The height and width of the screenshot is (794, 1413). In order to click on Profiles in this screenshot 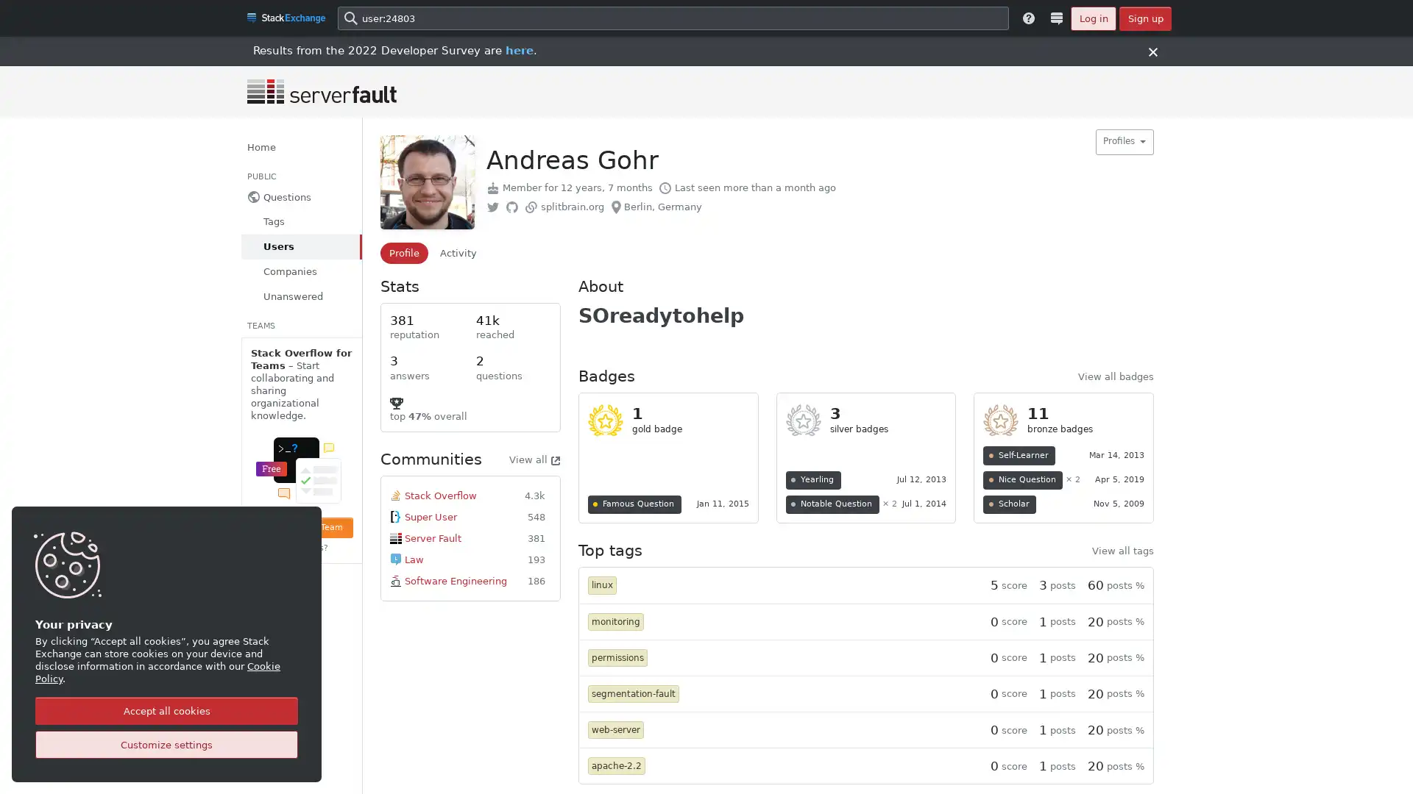, I will do `click(1123, 141)`.